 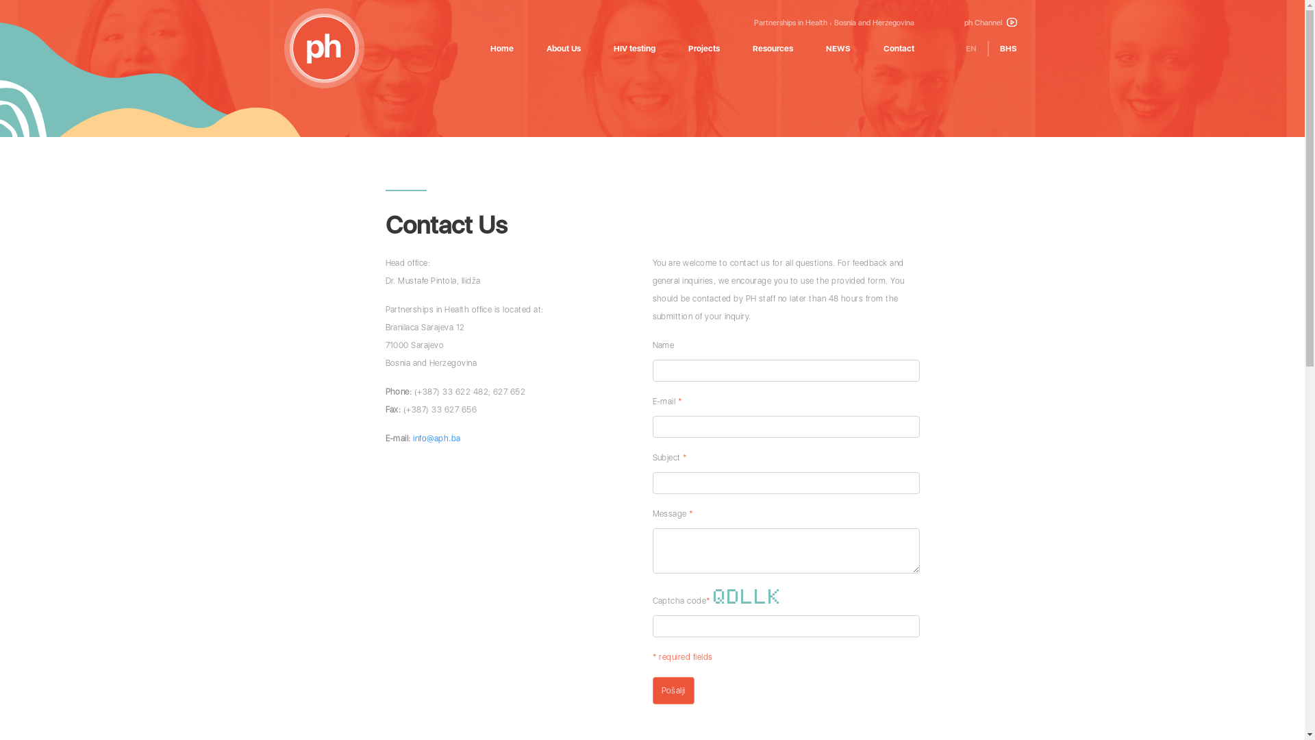 I want to click on 'NEWS', so click(x=838, y=47).